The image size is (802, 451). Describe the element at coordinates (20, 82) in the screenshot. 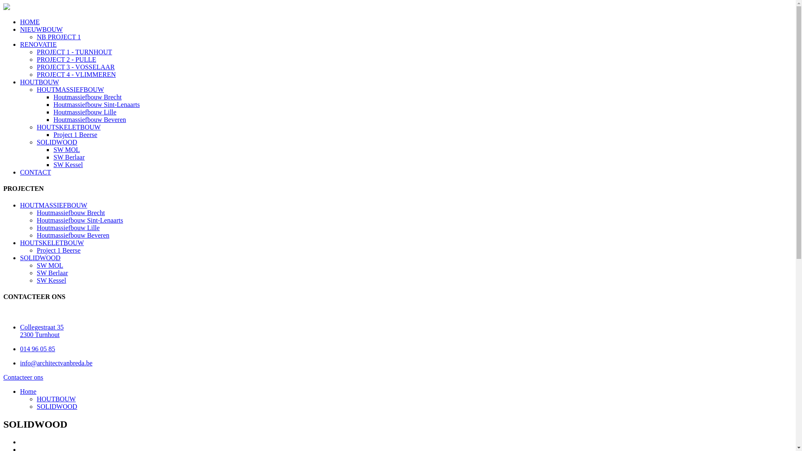

I see `'HOUTBOUW'` at that location.